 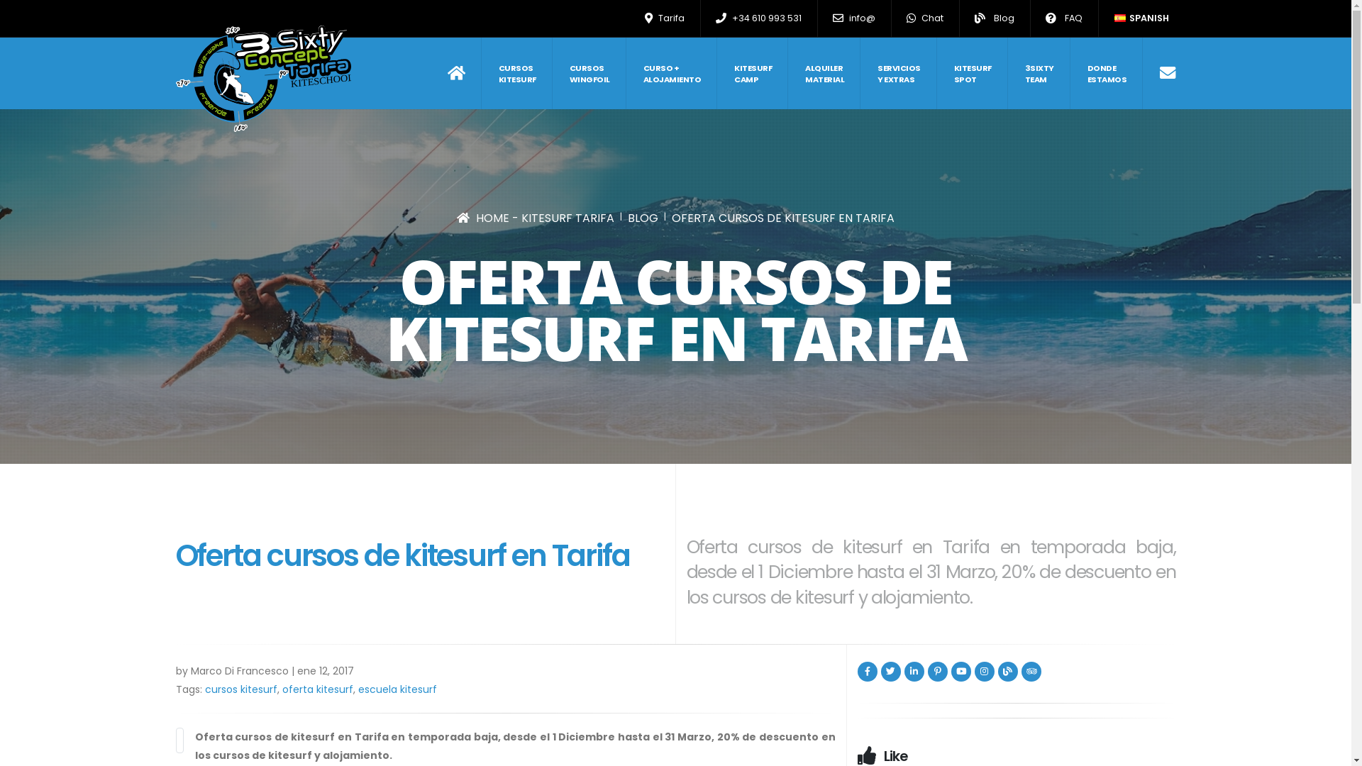 What do you see at coordinates (856, 671) in the screenshot?
I see `'Facebook'` at bounding box center [856, 671].